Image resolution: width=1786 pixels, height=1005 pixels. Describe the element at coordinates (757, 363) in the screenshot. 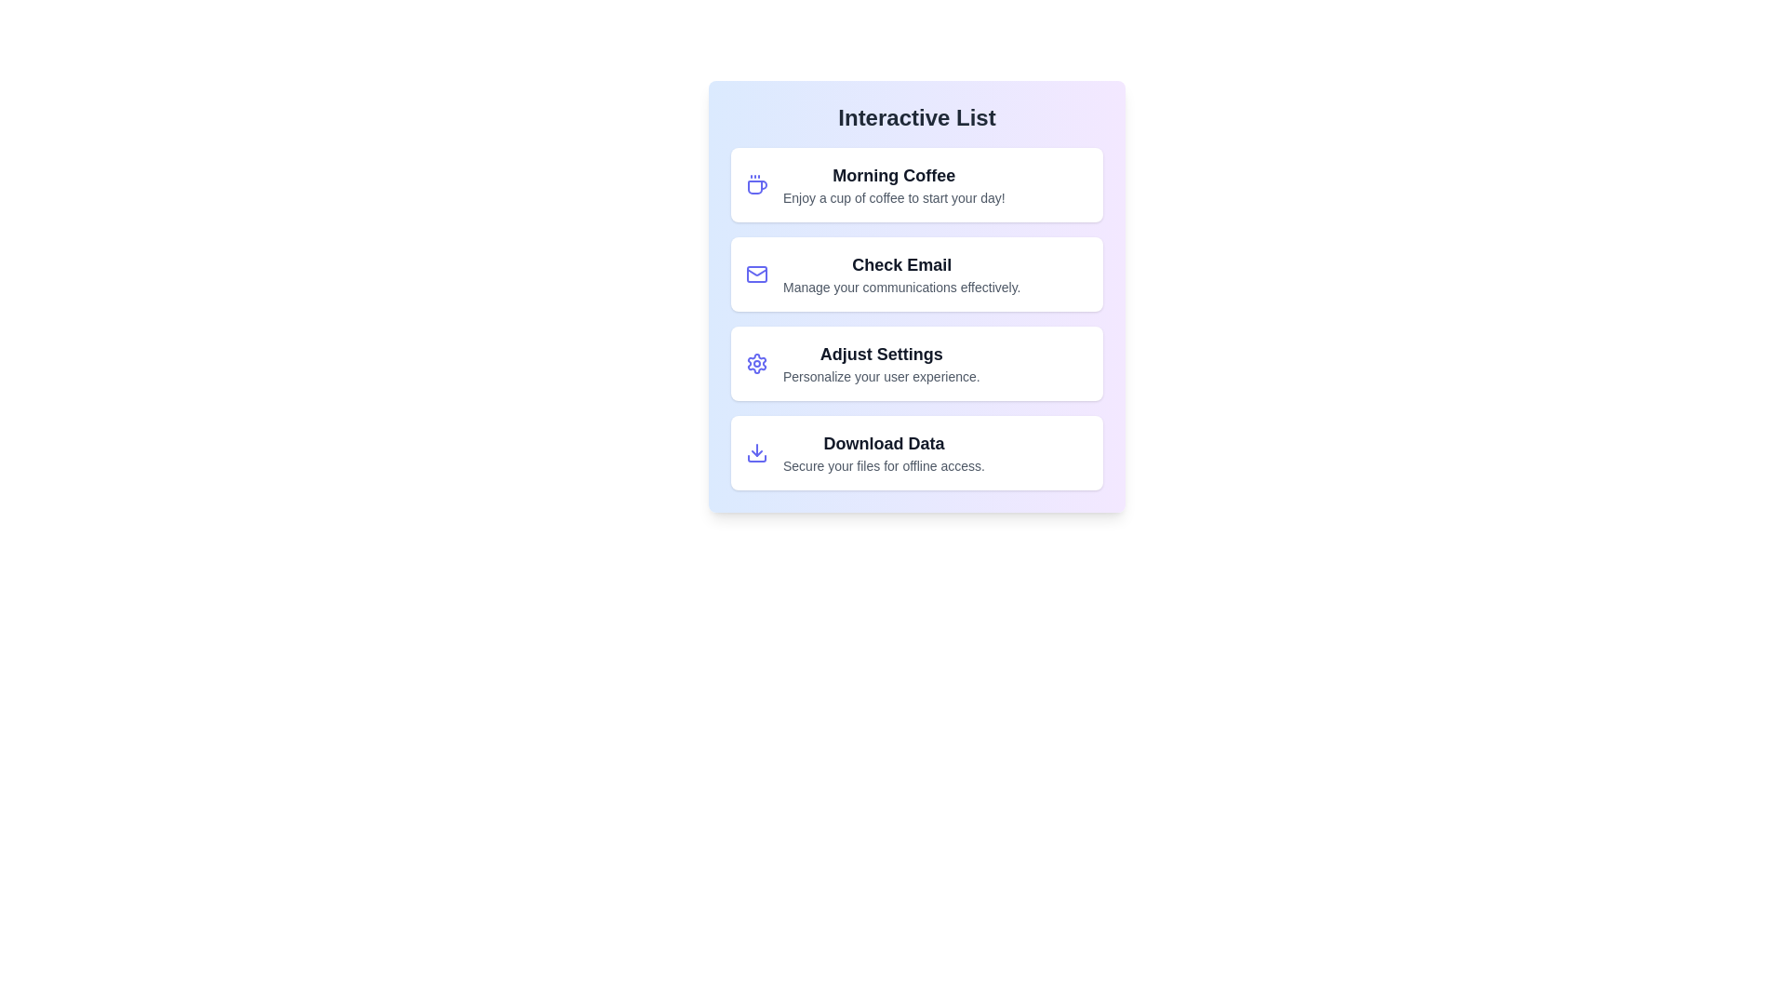

I see `the icon associated with Adjust Settings to inspect it` at that location.